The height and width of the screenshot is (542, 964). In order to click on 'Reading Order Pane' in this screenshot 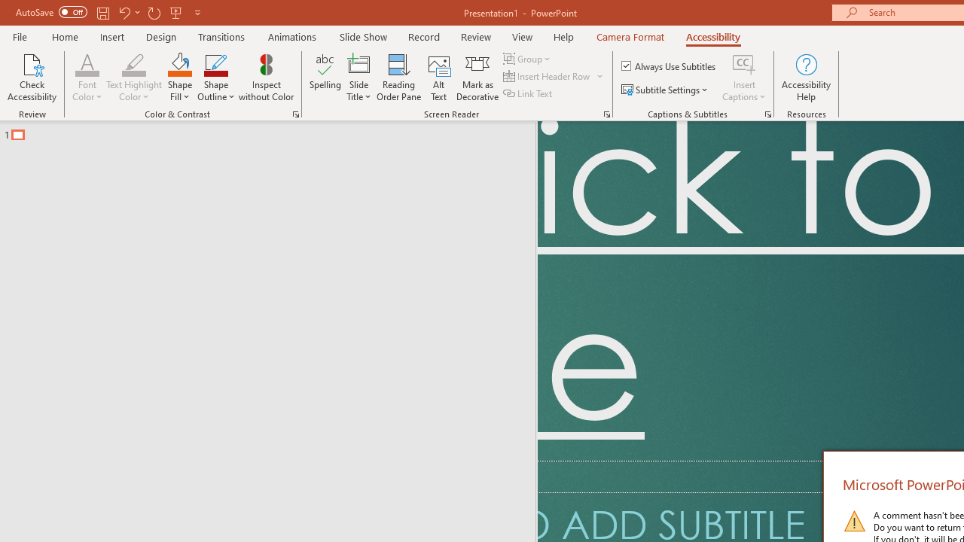, I will do `click(398, 78)`.